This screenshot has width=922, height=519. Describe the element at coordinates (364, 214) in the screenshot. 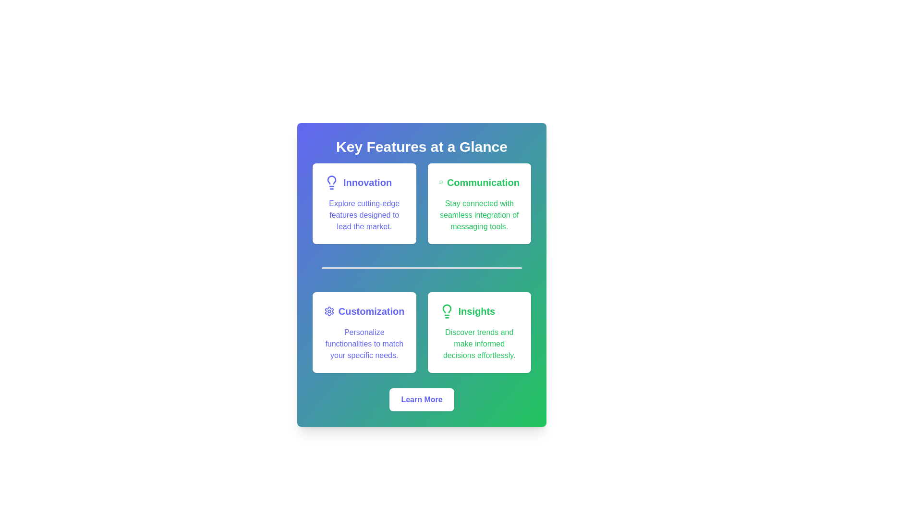

I see `the text paragraph stating 'Explore cutting-edge features designed to lead the market.' which is styled in indigo color and positioned below the title 'Innovation' in the top-left card of the grid` at that location.